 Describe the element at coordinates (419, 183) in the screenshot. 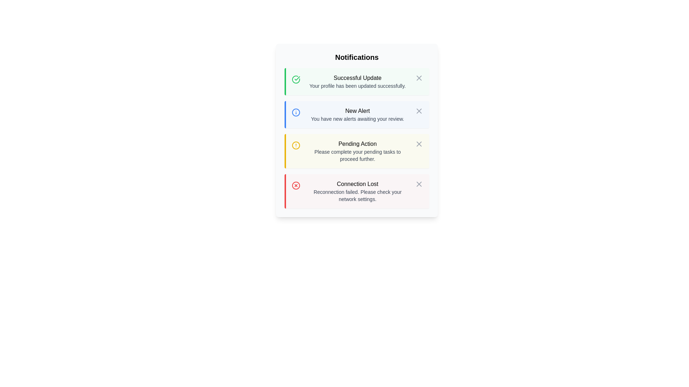

I see `the dismiss button located at the top-right corner of the 'Connection Lost' notification` at that location.